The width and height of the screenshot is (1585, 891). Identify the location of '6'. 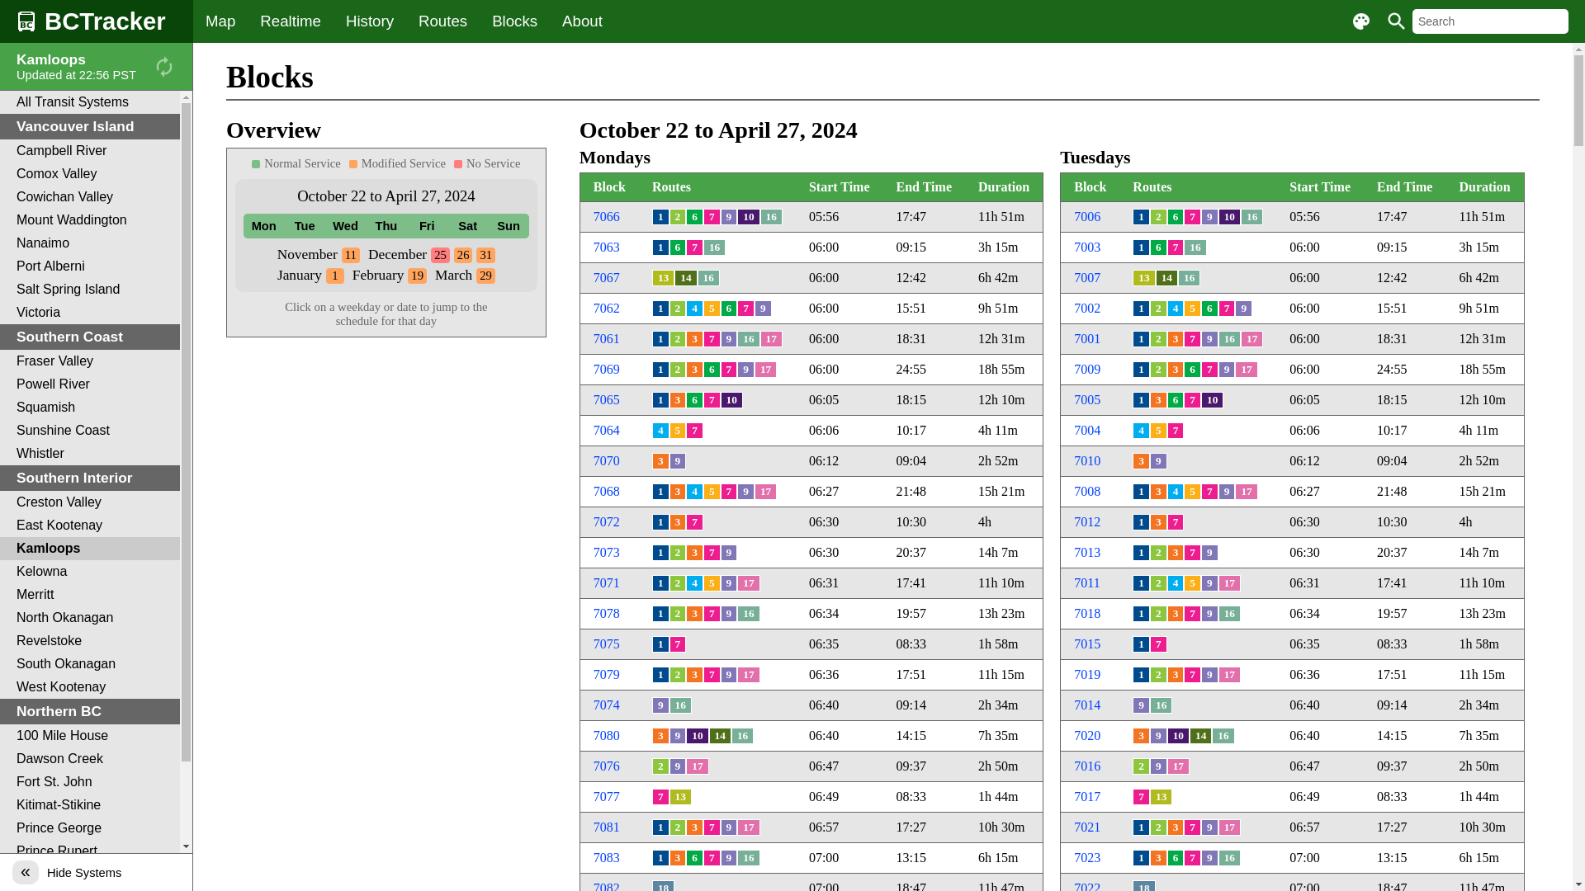
(1175, 215).